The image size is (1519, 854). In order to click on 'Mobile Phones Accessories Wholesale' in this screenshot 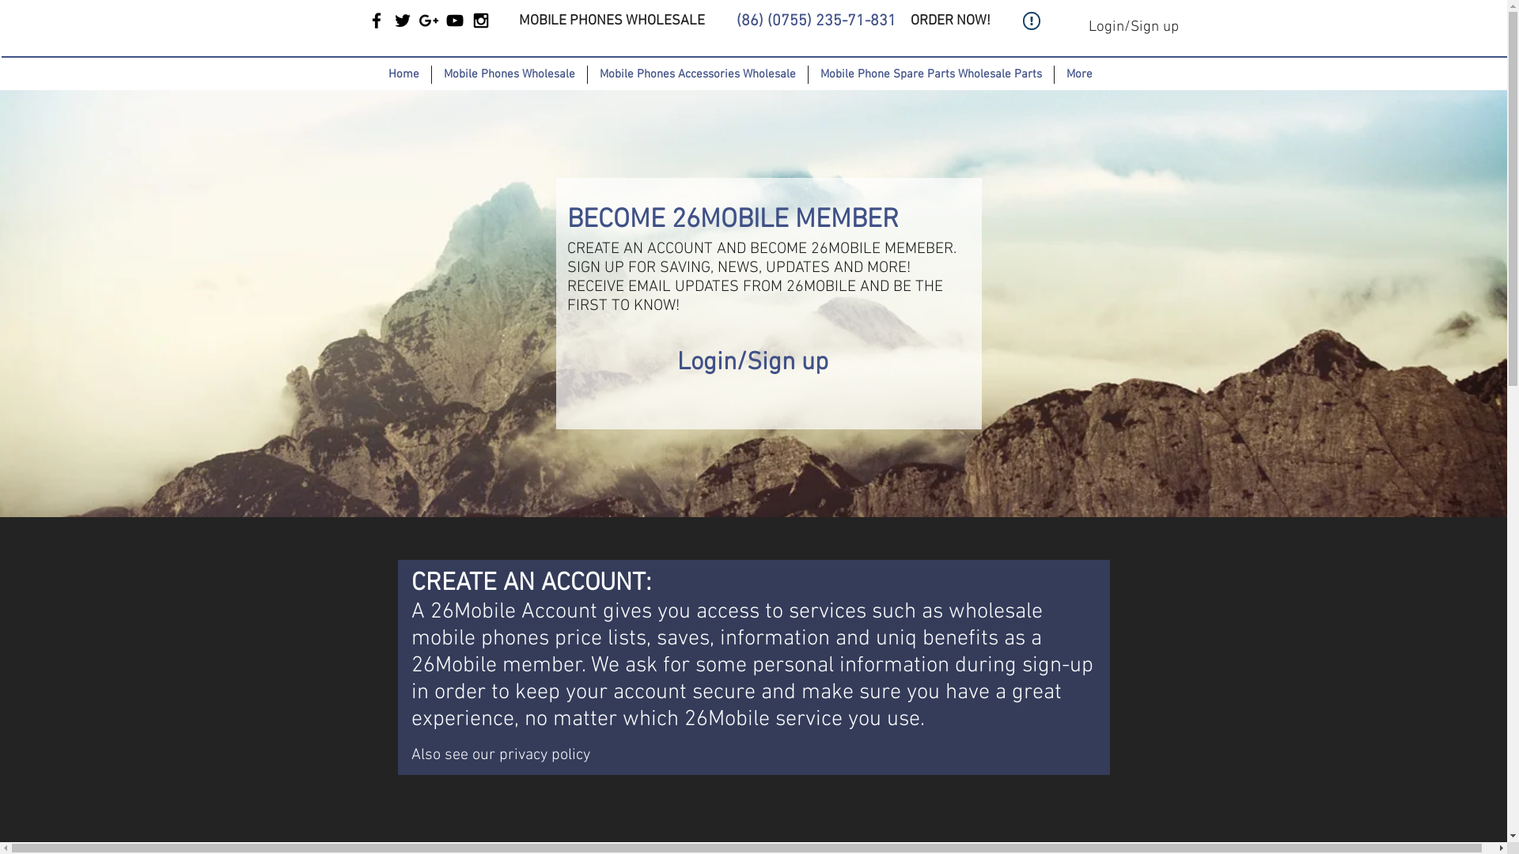, I will do `click(696, 74)`.